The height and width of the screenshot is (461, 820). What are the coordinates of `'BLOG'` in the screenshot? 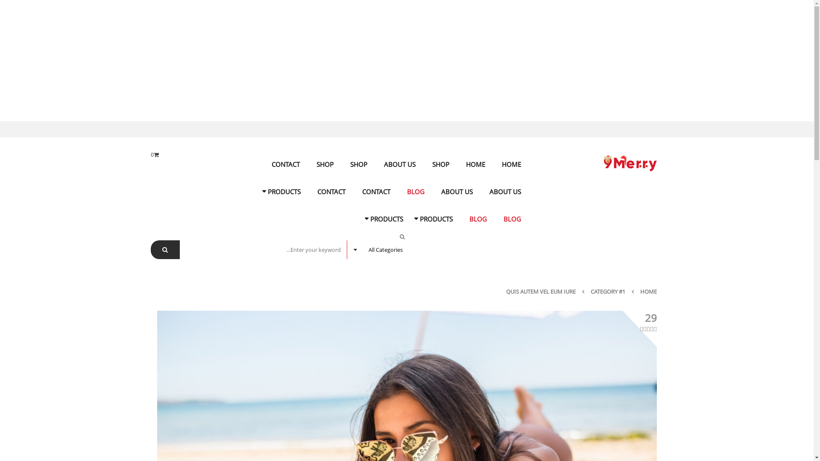 It's located at (415, 191).